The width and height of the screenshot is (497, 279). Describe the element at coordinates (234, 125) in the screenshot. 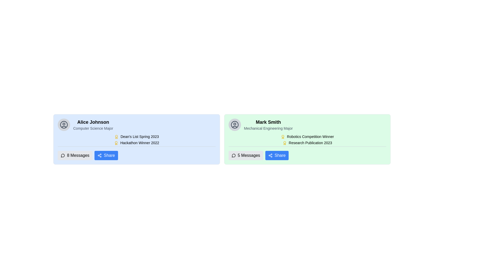

I see `the outermost circular component of the user profile icon located in the top-left corner of the right card to identify the user identity section` at that location.